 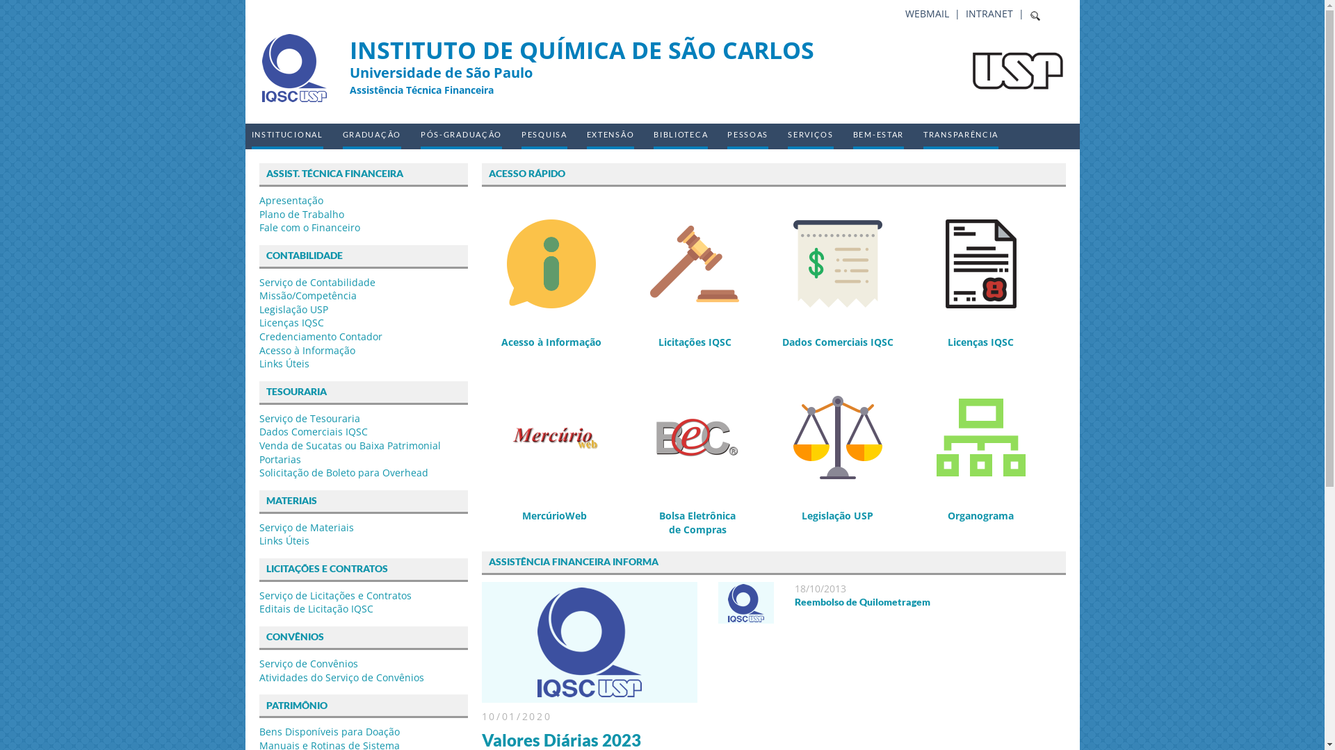 What do you see at coordinates (543, 136) in the screenshot?
I see `'PESQUISA'` at bounding box center [543, 136].